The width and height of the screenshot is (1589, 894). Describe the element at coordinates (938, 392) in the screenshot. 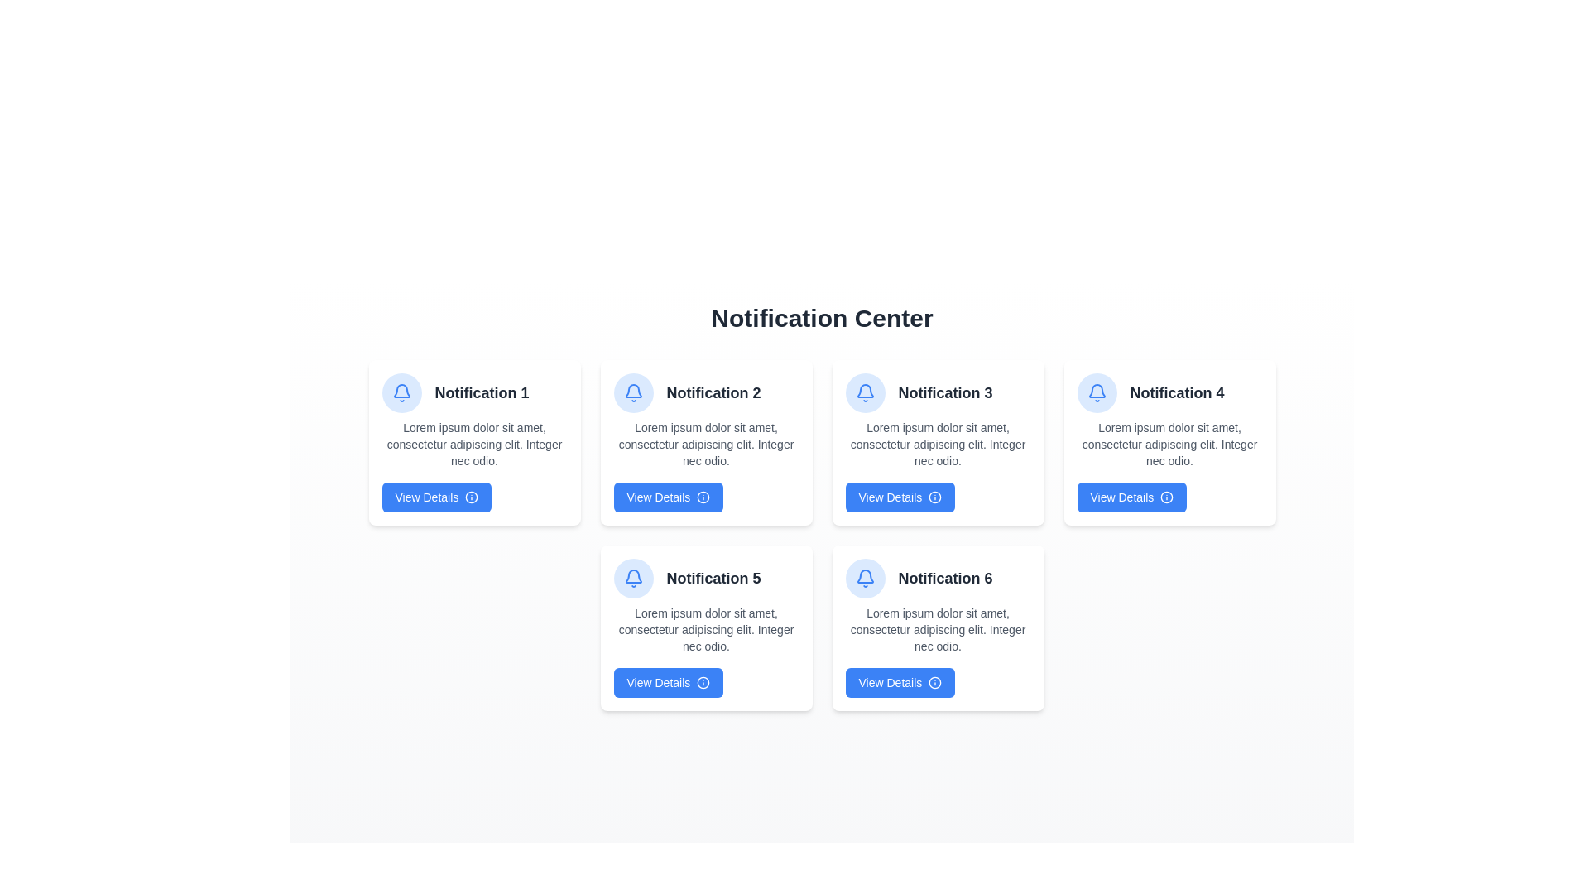

I see `title of the notification labeled 'Notification 3' which is displayed in bold style and has a blue bell icon to its left` at that location.